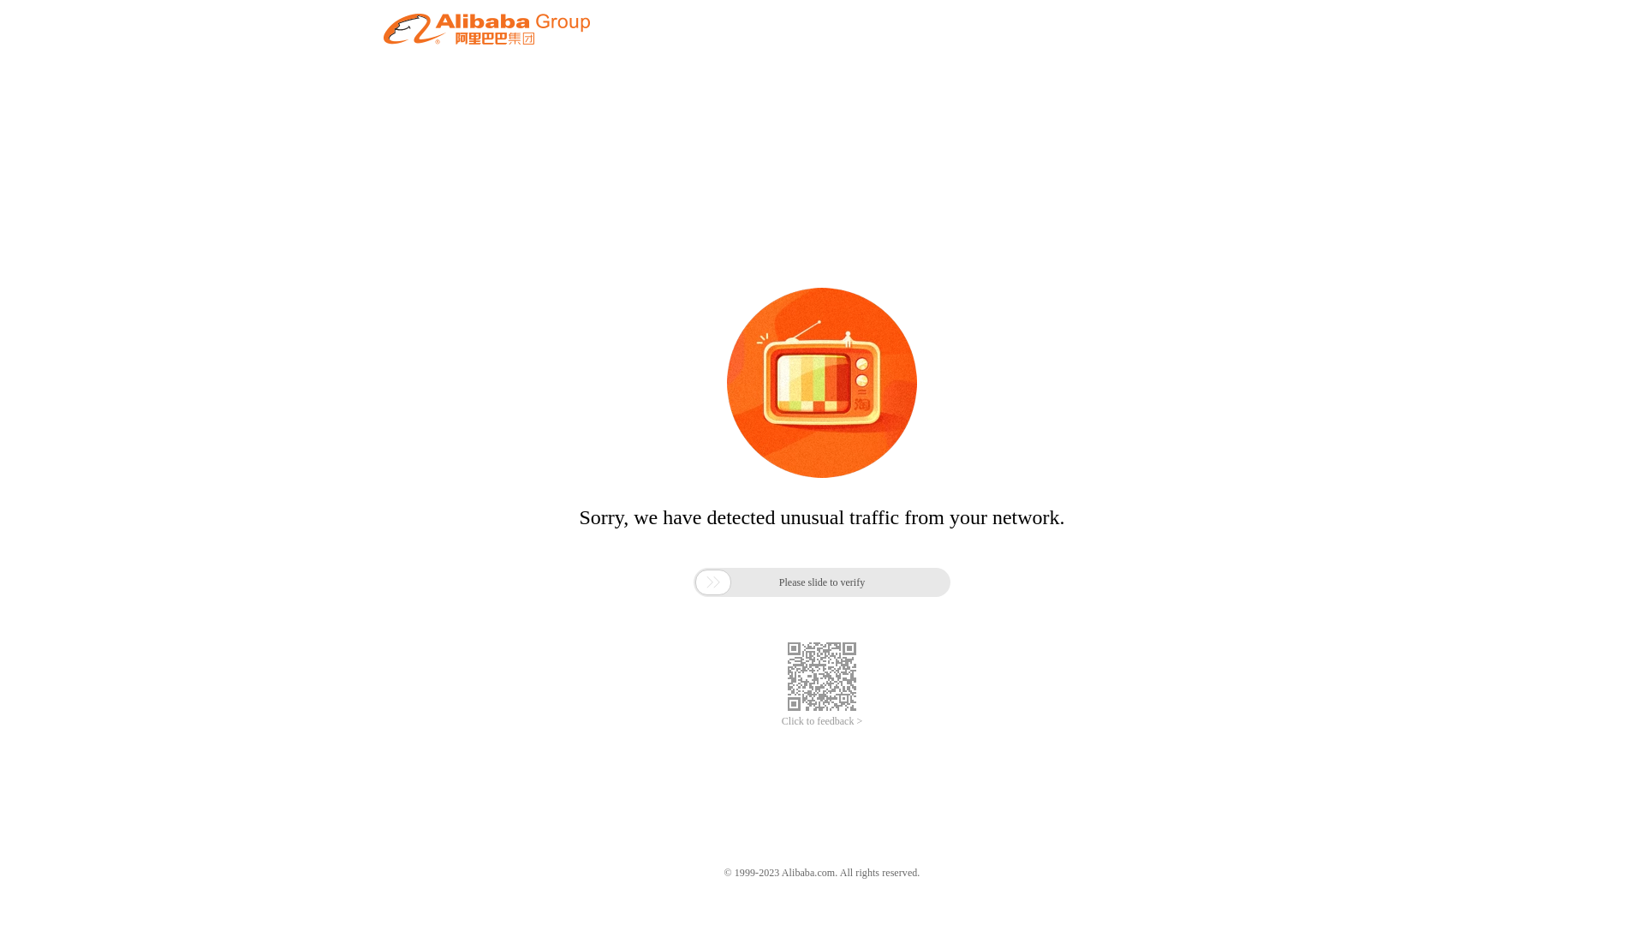  Describe the element at coordinates (780, 721) in the screenshot. I see `'Click to feedback >'` at that location.